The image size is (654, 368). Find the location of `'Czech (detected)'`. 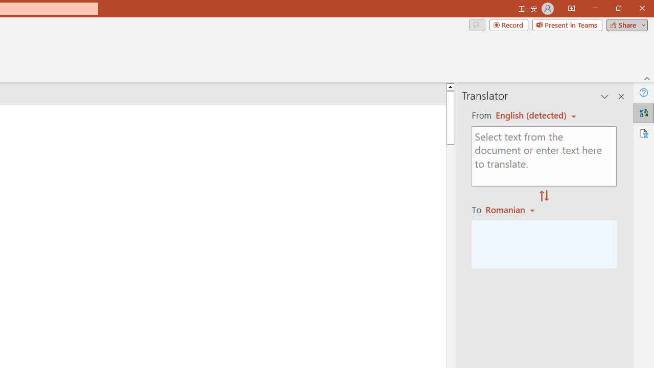

'Czech (detected)' is located at coordinates (531, 115).